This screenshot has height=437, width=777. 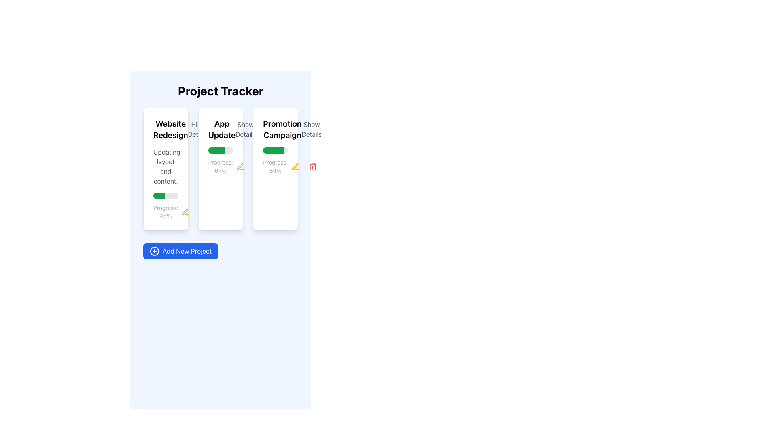 What do you see at coordinates (185, 212) in the screenshot?
I see `the pen icon button with a yellow hue, located in the 'App Update' project card` at bounding box center [185, 212].